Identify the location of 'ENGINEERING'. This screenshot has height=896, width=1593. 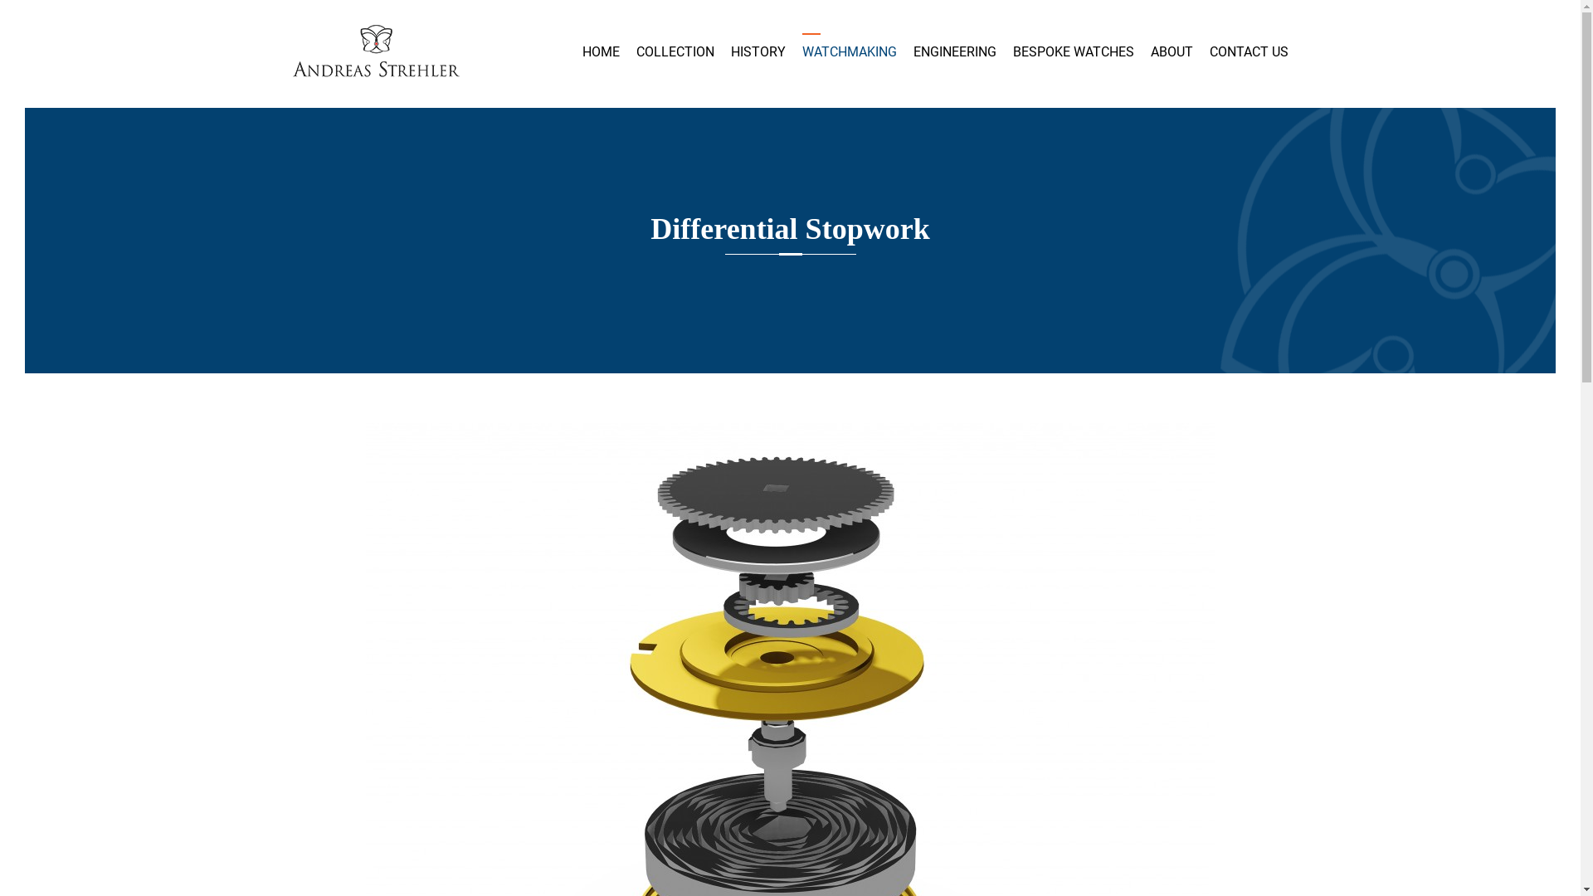
(911, 51).